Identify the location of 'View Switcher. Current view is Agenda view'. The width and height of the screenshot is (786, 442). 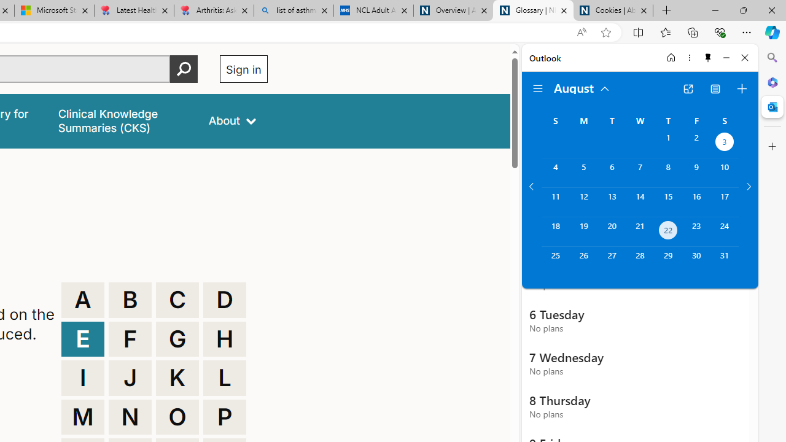
(715, 88).